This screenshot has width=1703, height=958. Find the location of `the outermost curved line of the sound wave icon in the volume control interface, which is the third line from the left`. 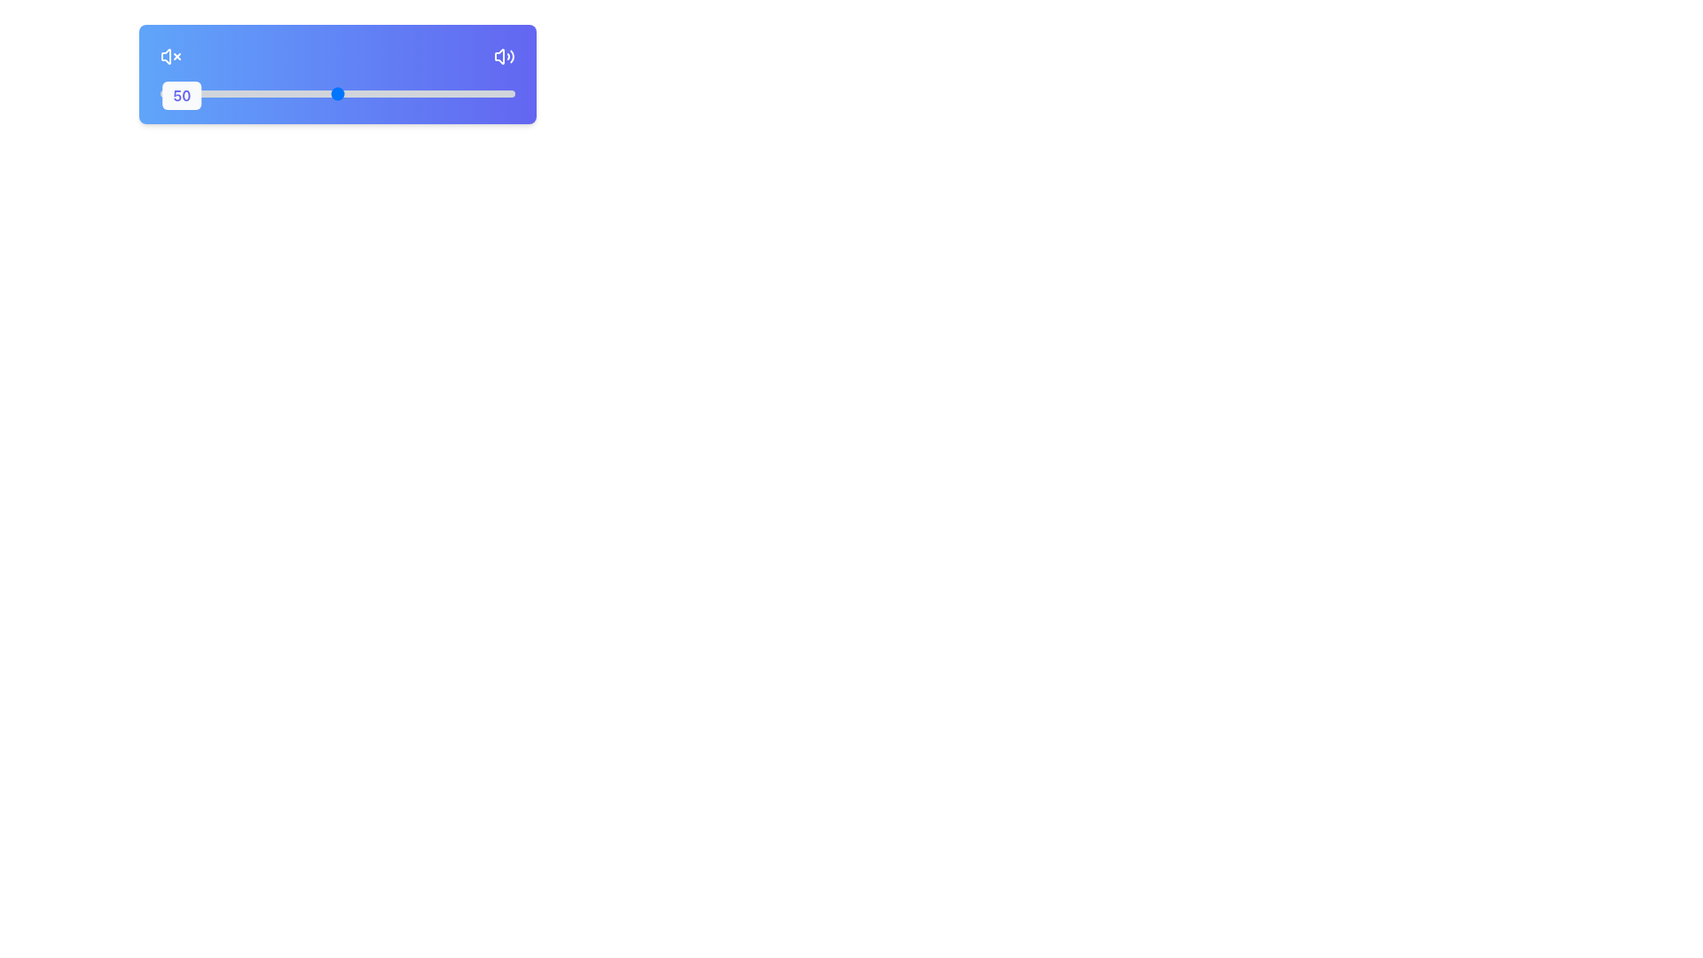

the outermost curved line of the sound wave icon in the volume control interface, which is the third line from the left is located at coordinates (511, 56).